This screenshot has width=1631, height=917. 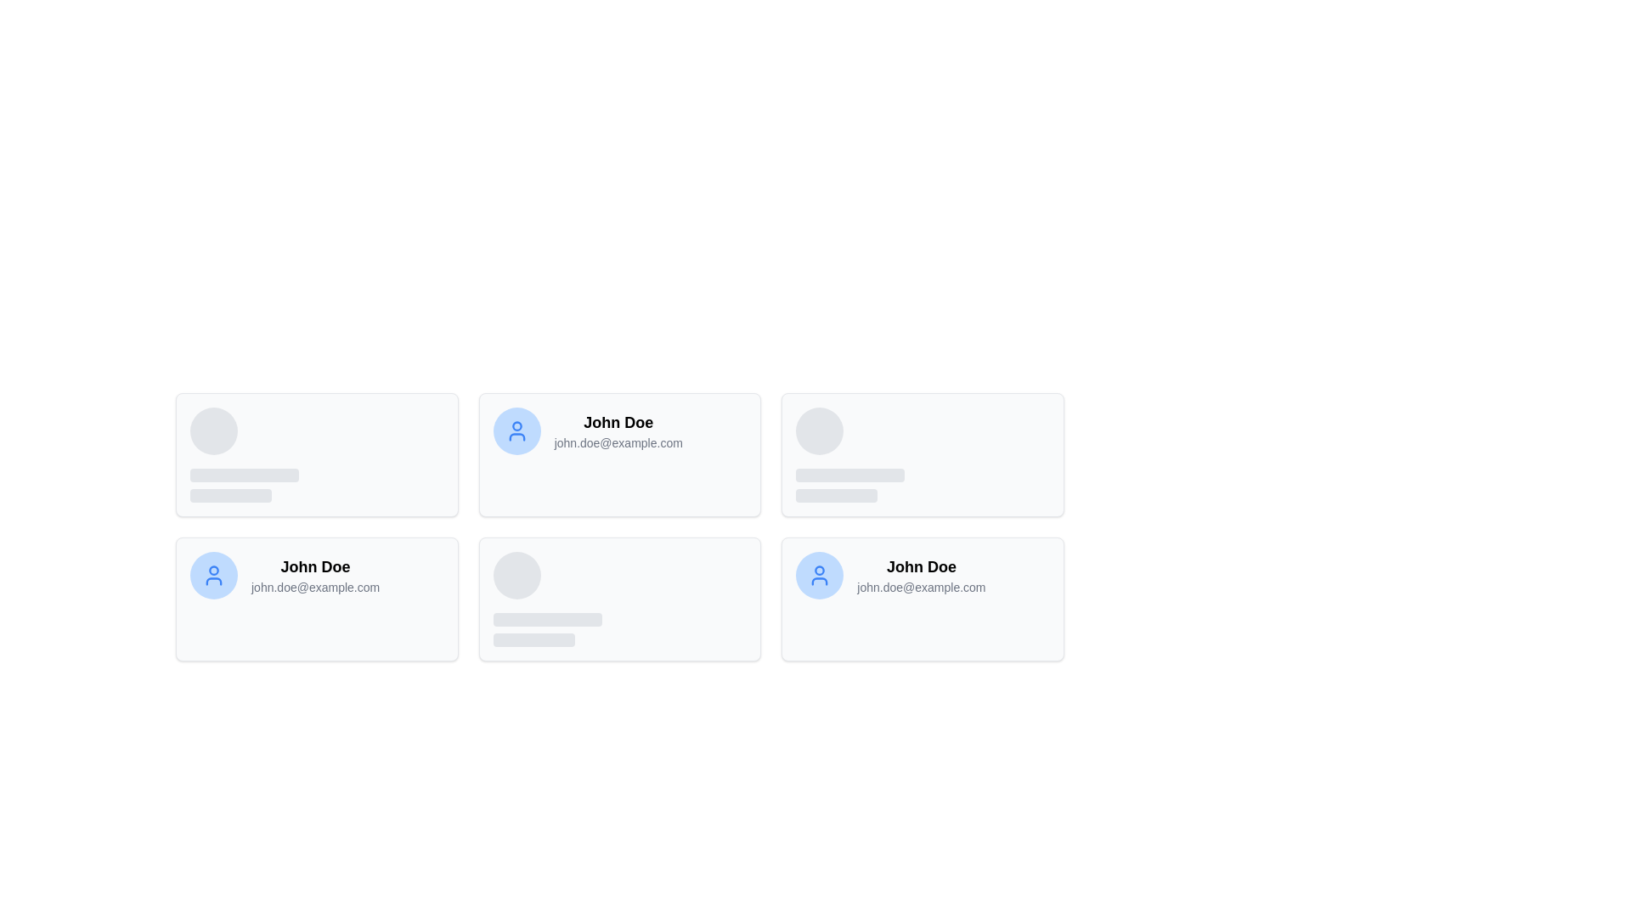 What do you see at coordinates (922, 454) in the screenshot?
I see `the third card component in the top row of the grid layout, which has a rounded gray border and a light gray background` at bounding box center [922, 454].